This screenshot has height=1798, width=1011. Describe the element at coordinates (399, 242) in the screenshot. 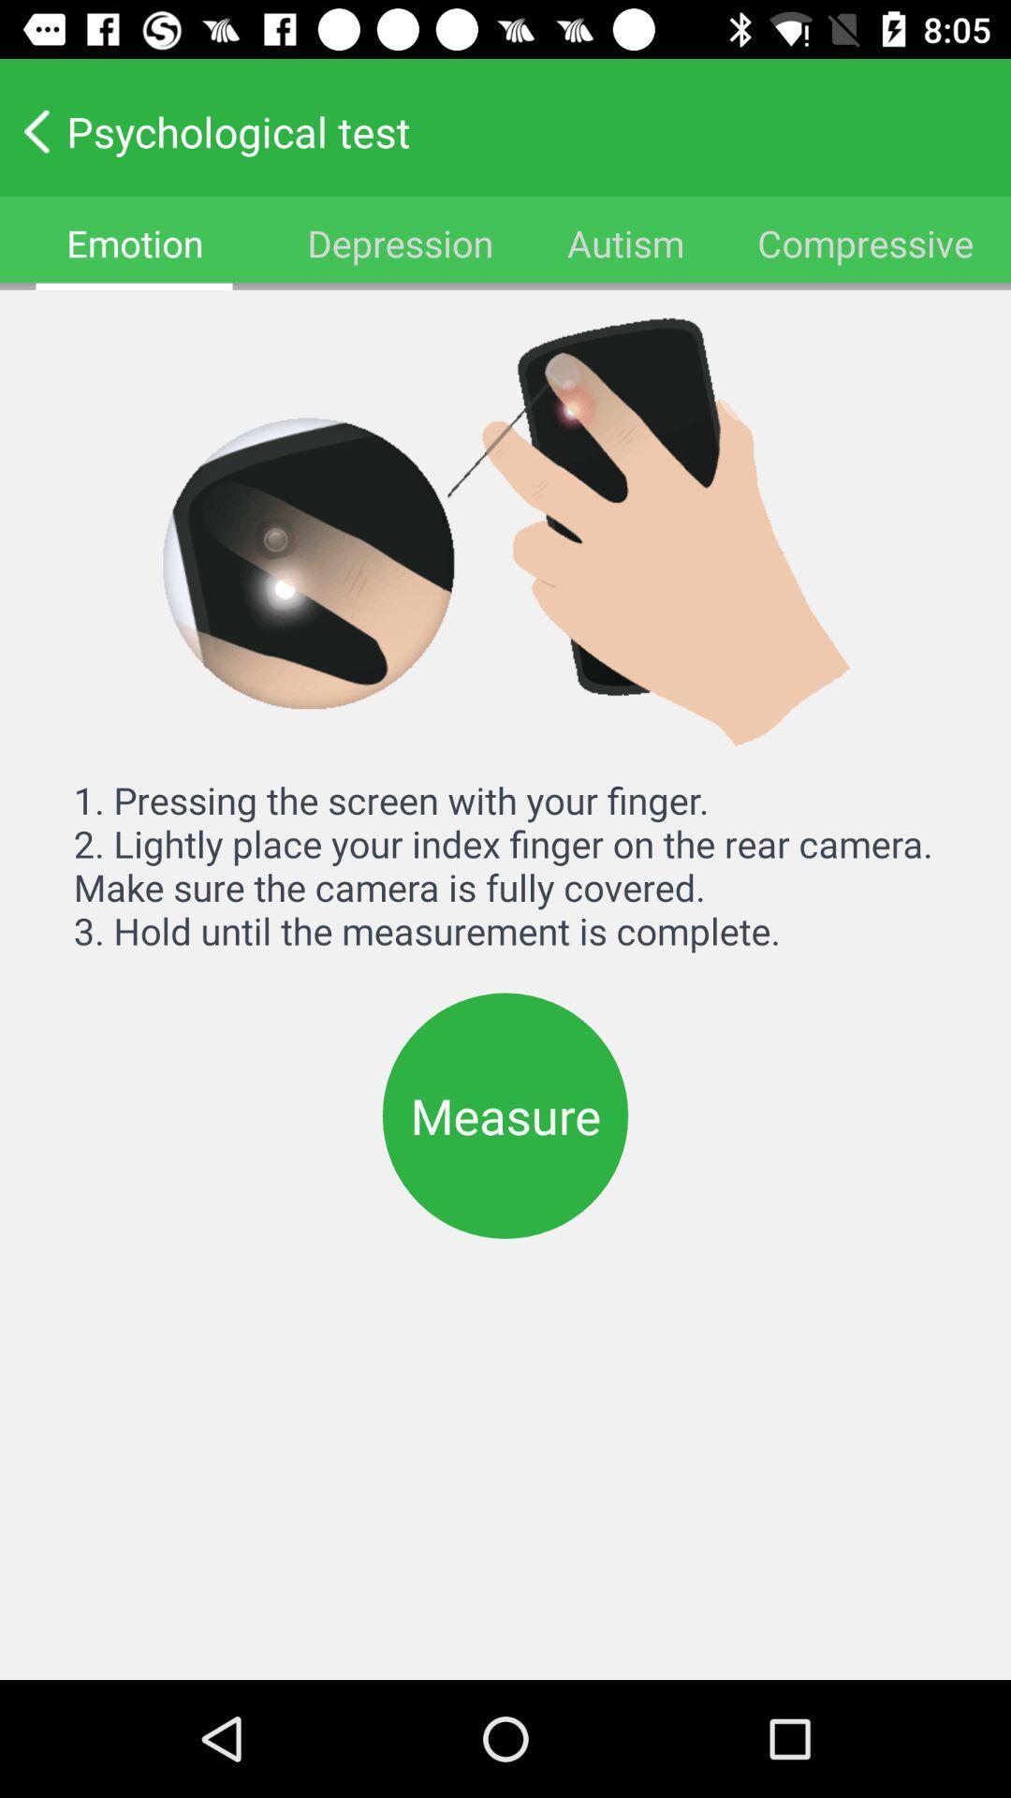

I see `depression item` at that location.